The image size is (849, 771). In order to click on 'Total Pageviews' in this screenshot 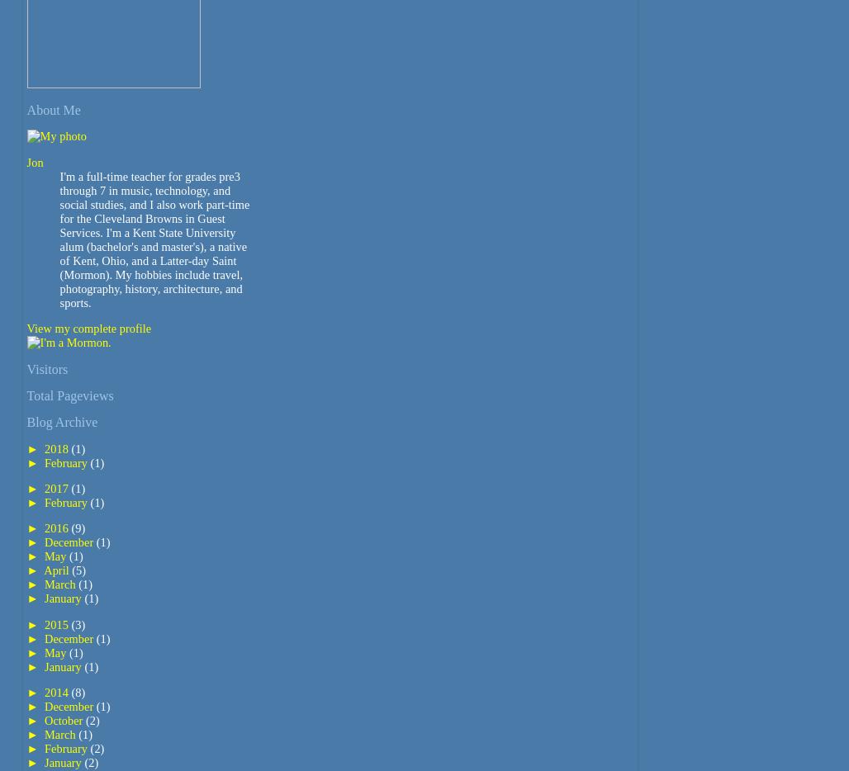, I will do `click(69, 394)`.